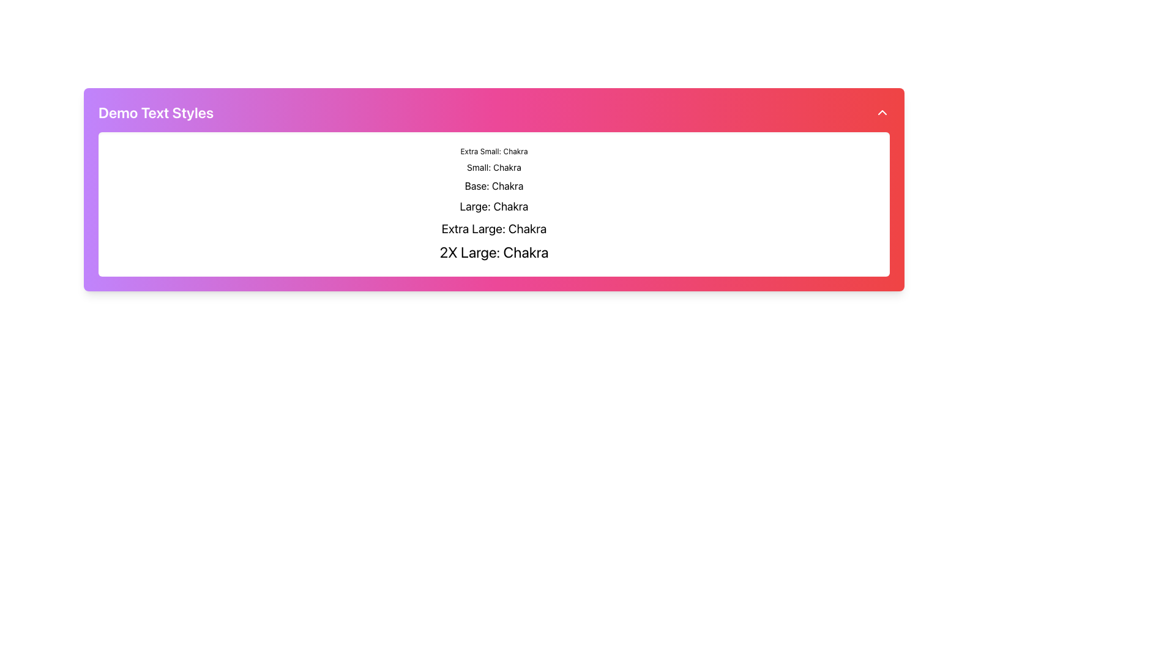 The width and height of the screenshot is (1175, 661). Describe the element at coordinates (494, 229) in the screenshot. I see `the text label indicating 'Extra Large' associated with 'Chakra', which is the fifth item in a vertical list of text elements` at that location.